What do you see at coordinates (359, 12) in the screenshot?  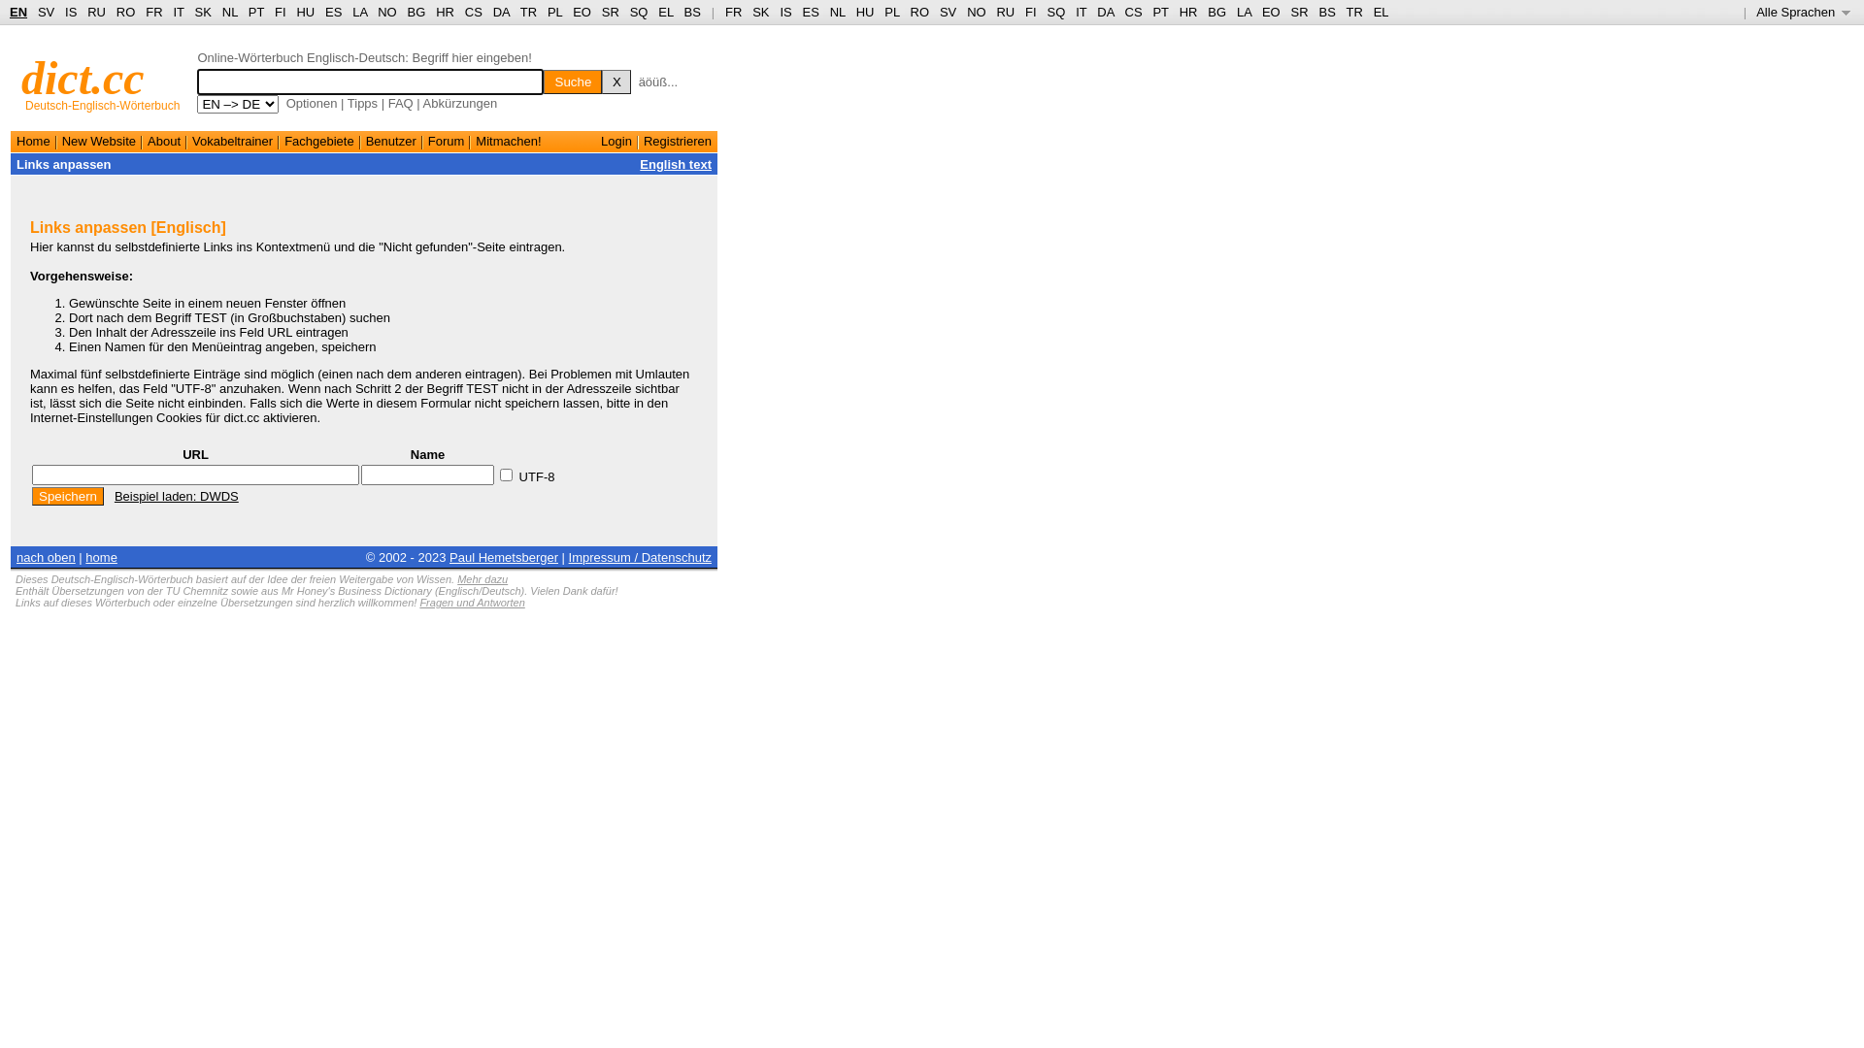 I see `'LA'` at bounding box center [359, 12].